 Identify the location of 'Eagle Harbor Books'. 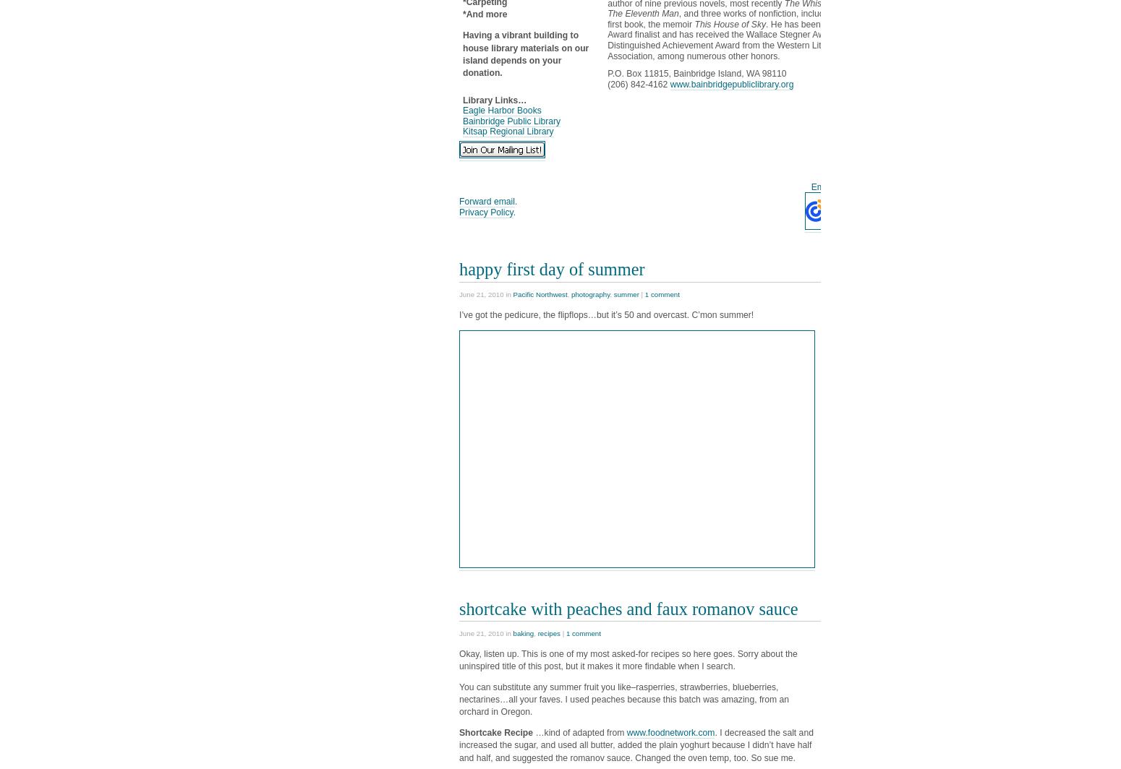
(500, 111).